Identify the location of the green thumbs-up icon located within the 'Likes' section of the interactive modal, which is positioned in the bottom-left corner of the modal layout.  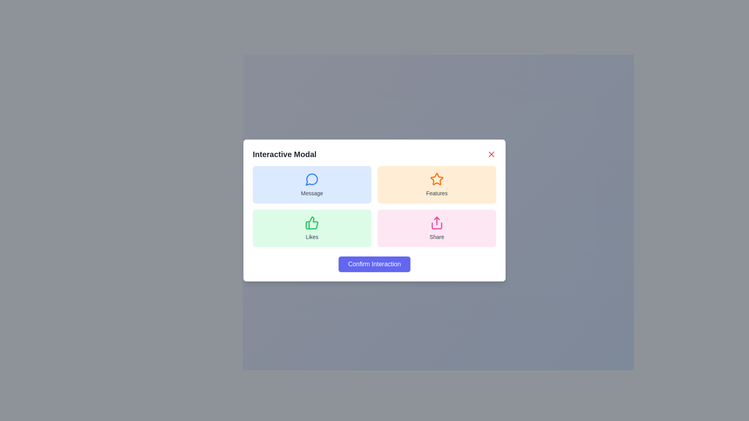
(312, 223).